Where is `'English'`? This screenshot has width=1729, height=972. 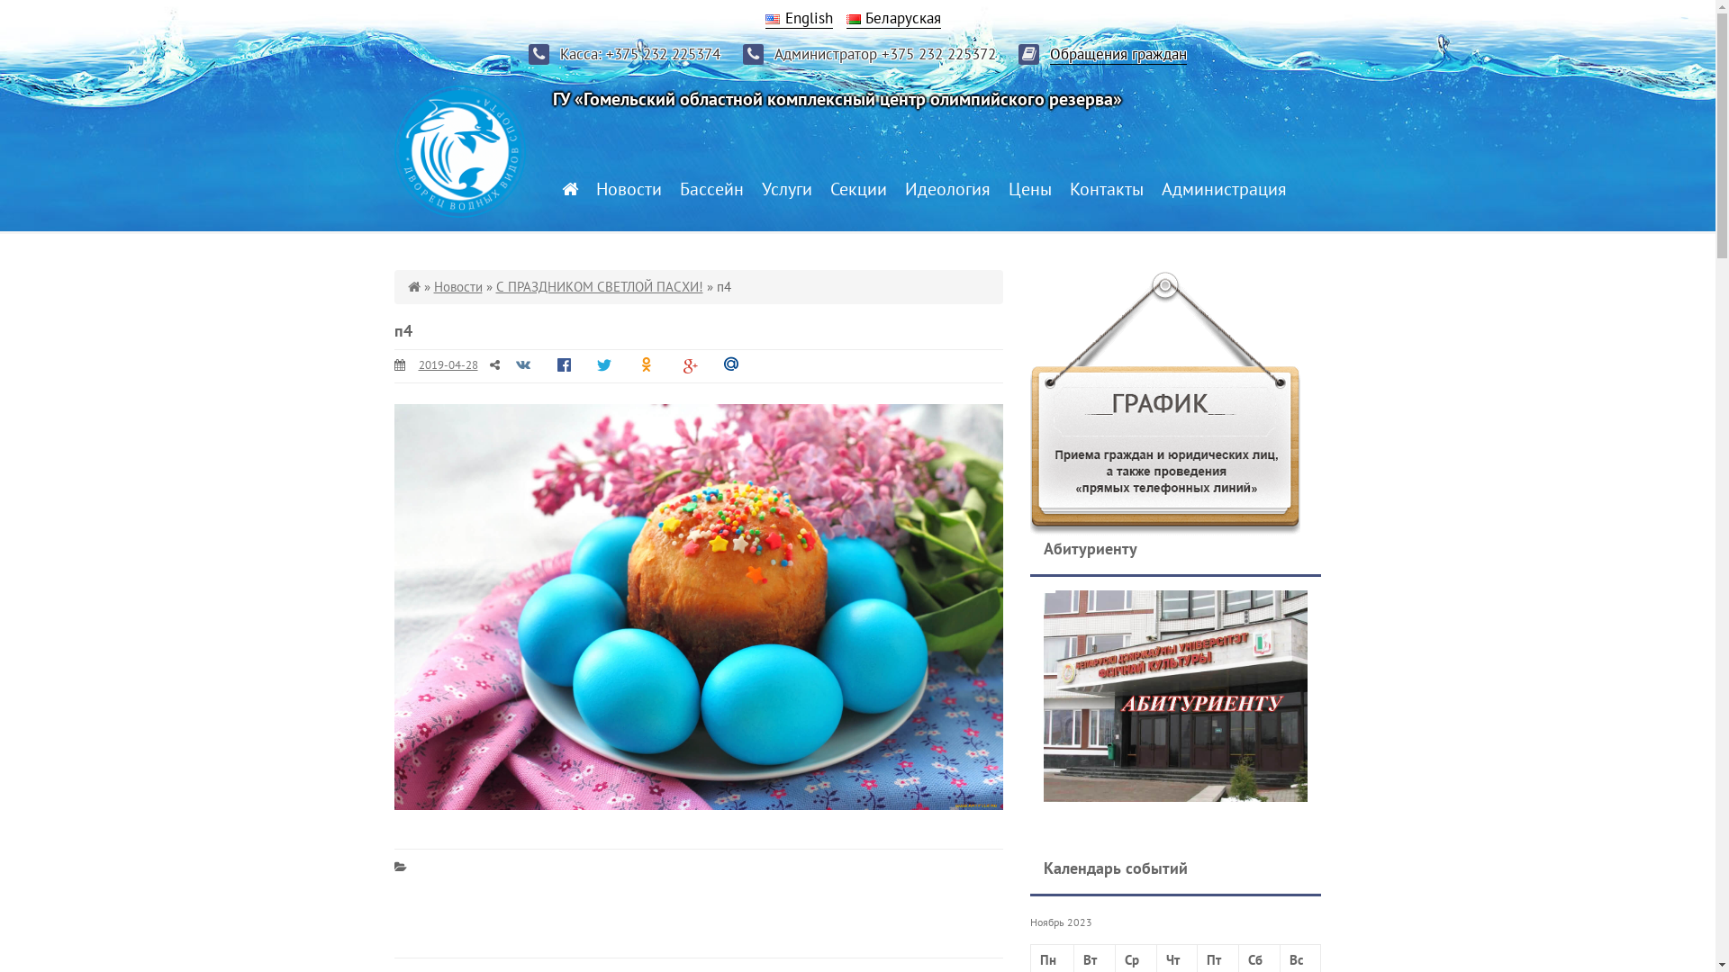 'English' is located at coordinates (798, 18).